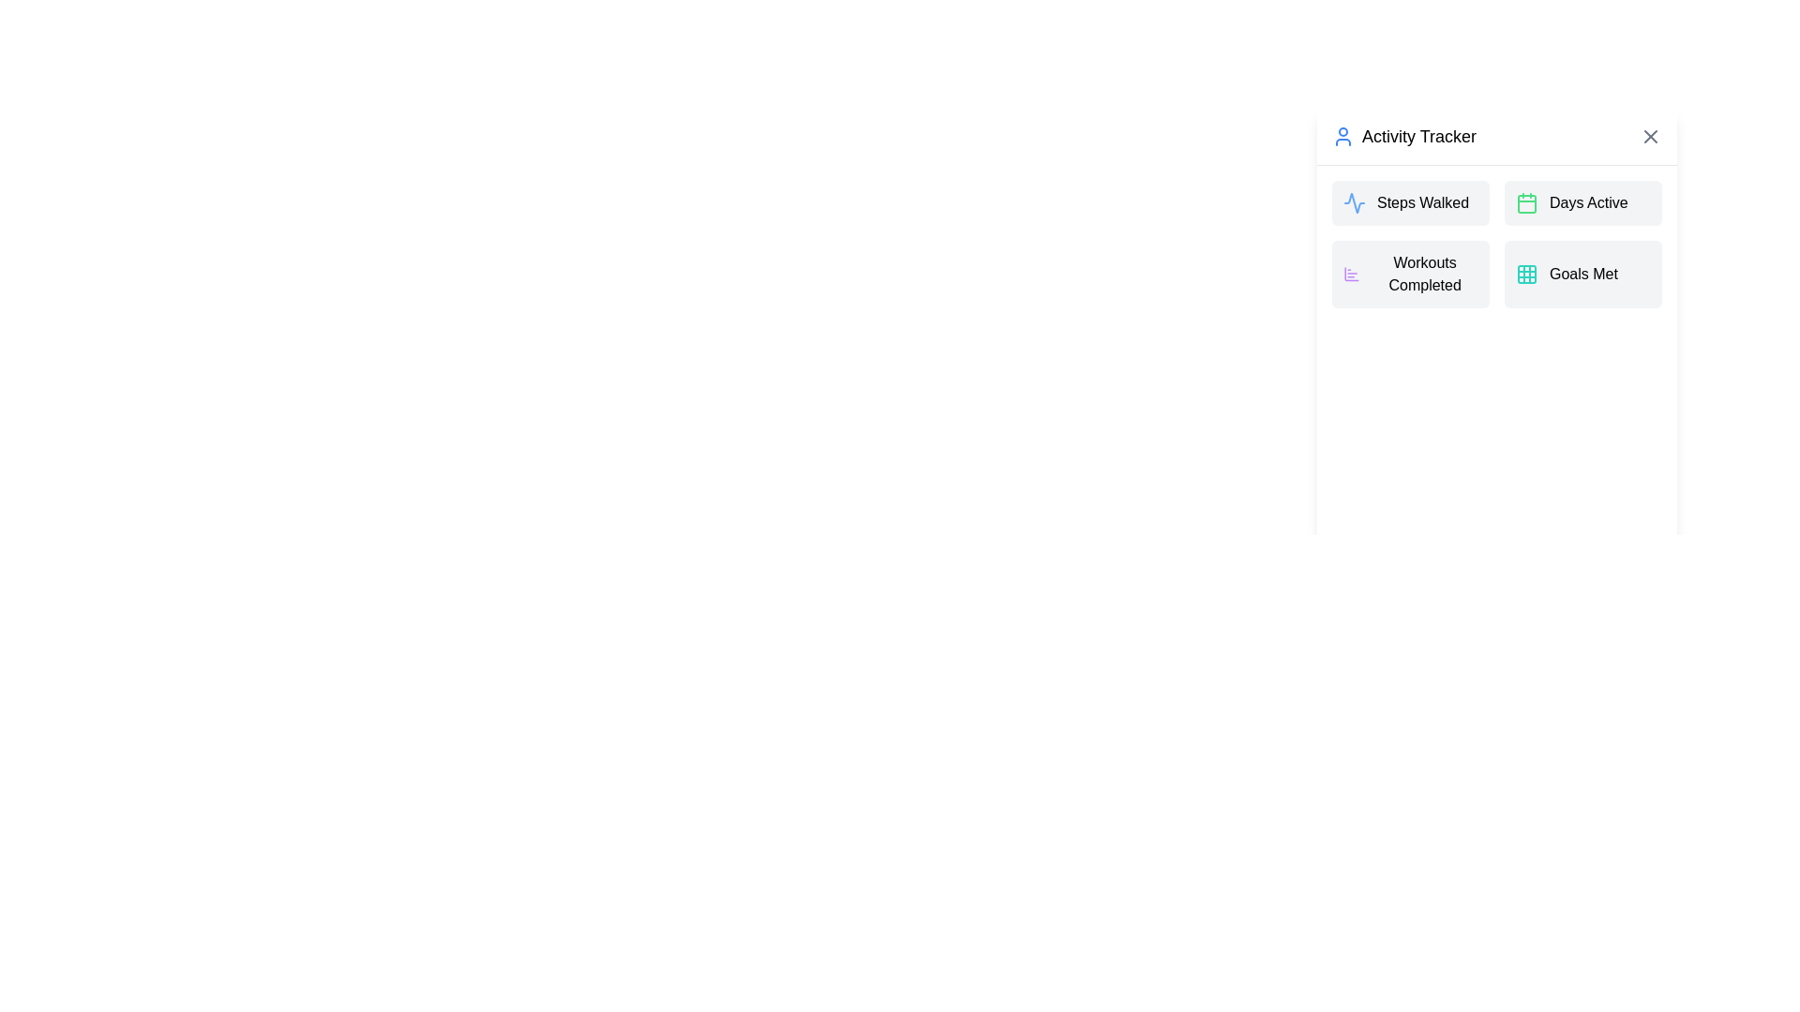 Image resolution: width=1800 pixels, height=1012 pixels. What do you see at coordinates (1352, 275) in the screenshot?
I see `the Iconographic SVG component representing 'Workouts Completed' in the 'Activity Tracker' module, located towards the lower-left section of the widget menu` at bounding box center [1352, 275].